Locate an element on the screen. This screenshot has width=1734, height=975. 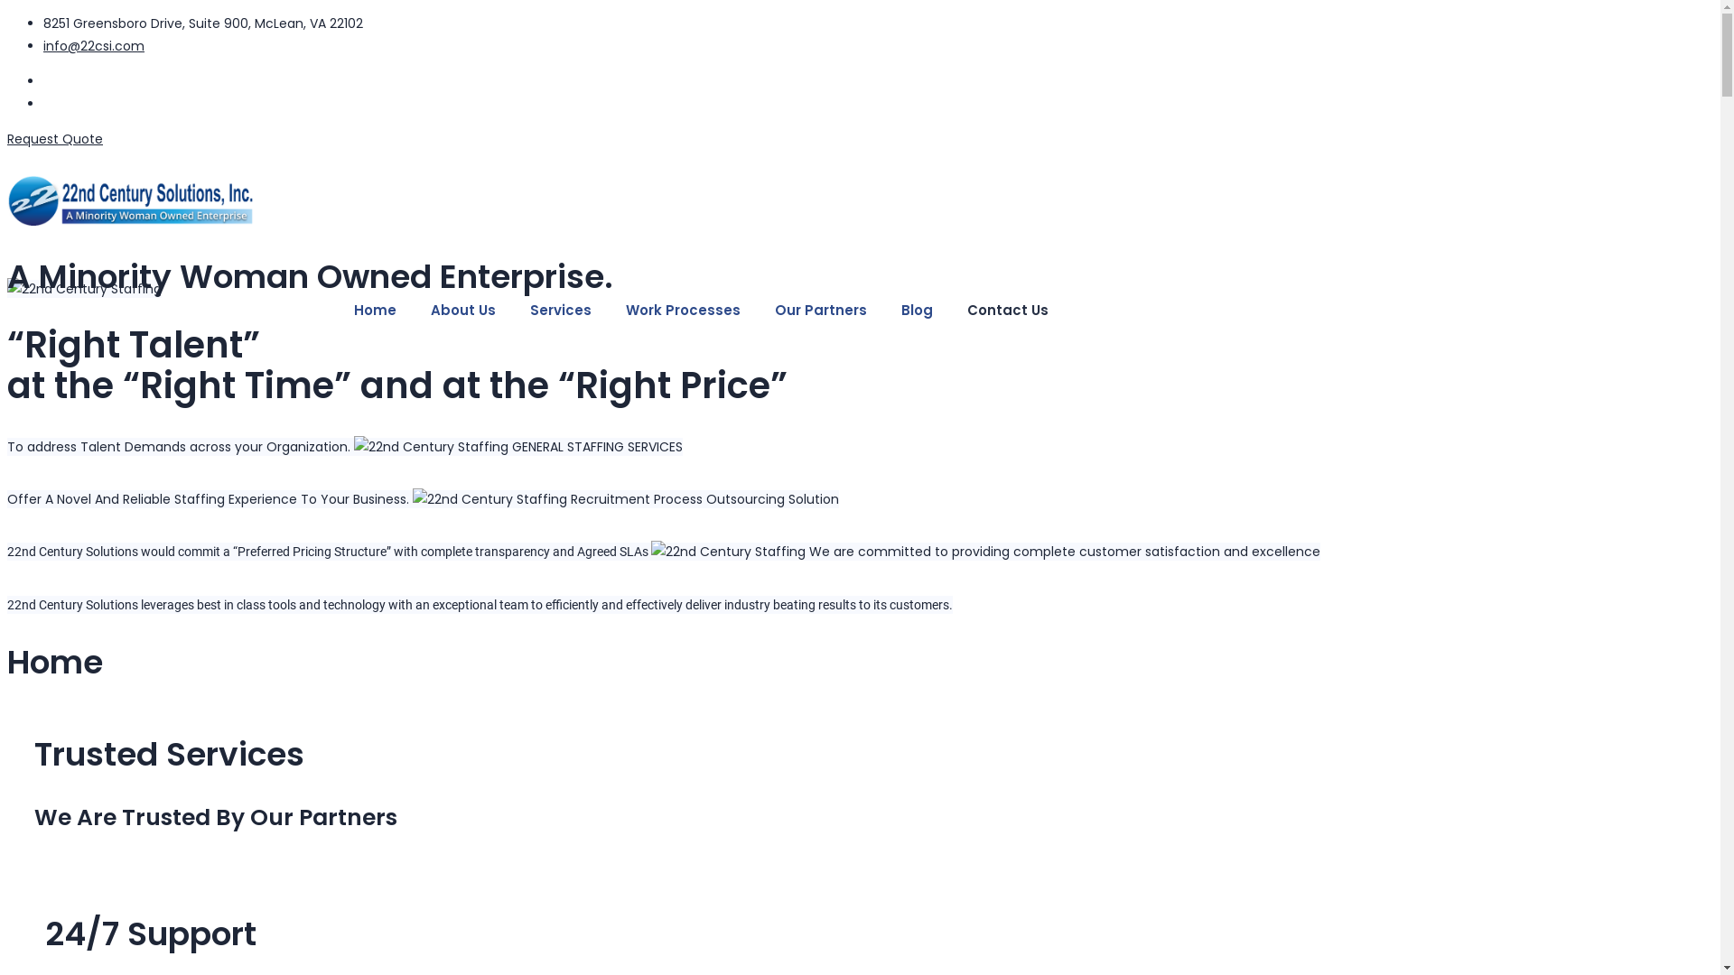
'22nd Century Solutions' is located at coordinates (535, 202).